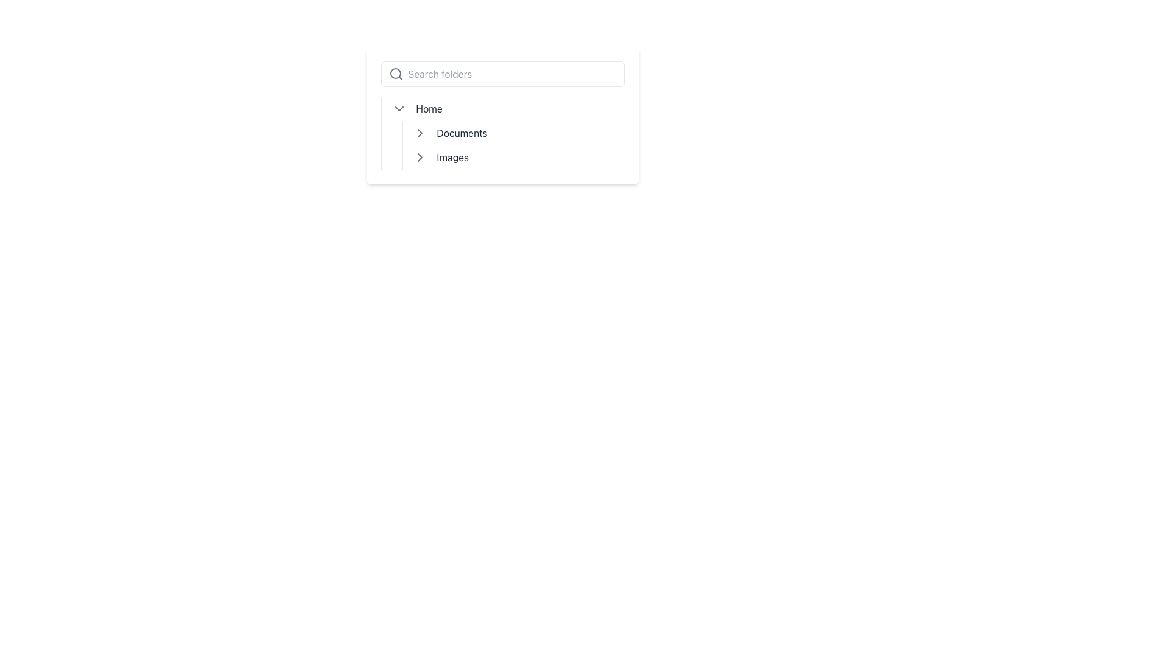 This screenshot has width=1169, height=657. Describe the element at coordinates (518, 156) in the screenshot. I see `the 'Images' list item under the 'Documents' section` at that location.